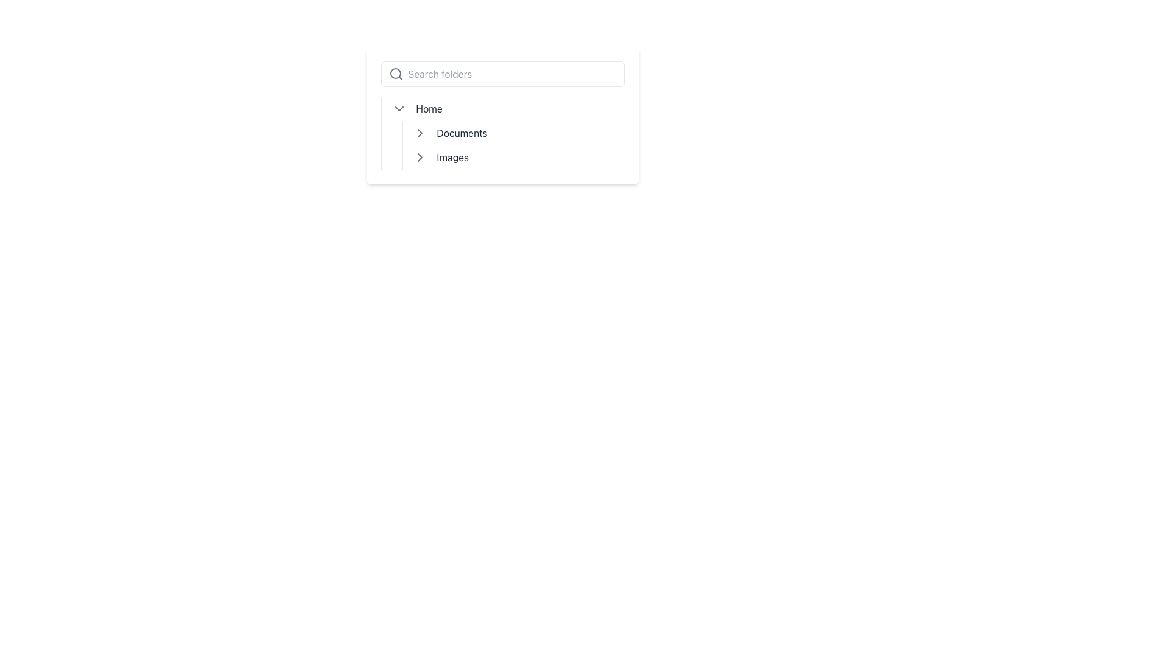 This screenshot has width=1169, height=657. Describe the element at coordinates (518, 156) in the screenshot. I see `the 'Images' list item under the 'Documents' section` at that location.